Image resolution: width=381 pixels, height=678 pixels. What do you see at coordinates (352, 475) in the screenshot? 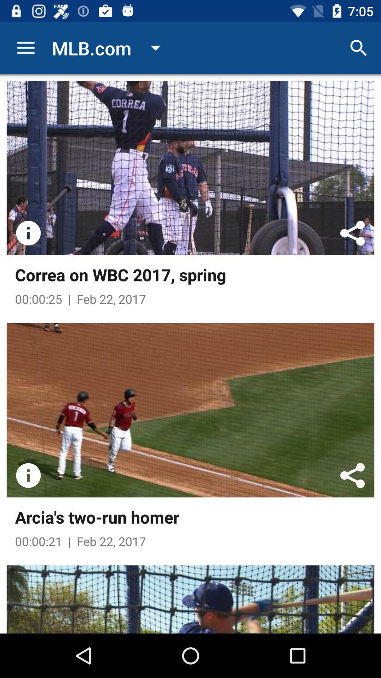
I see `share the video` at bounding box center [352, 475].